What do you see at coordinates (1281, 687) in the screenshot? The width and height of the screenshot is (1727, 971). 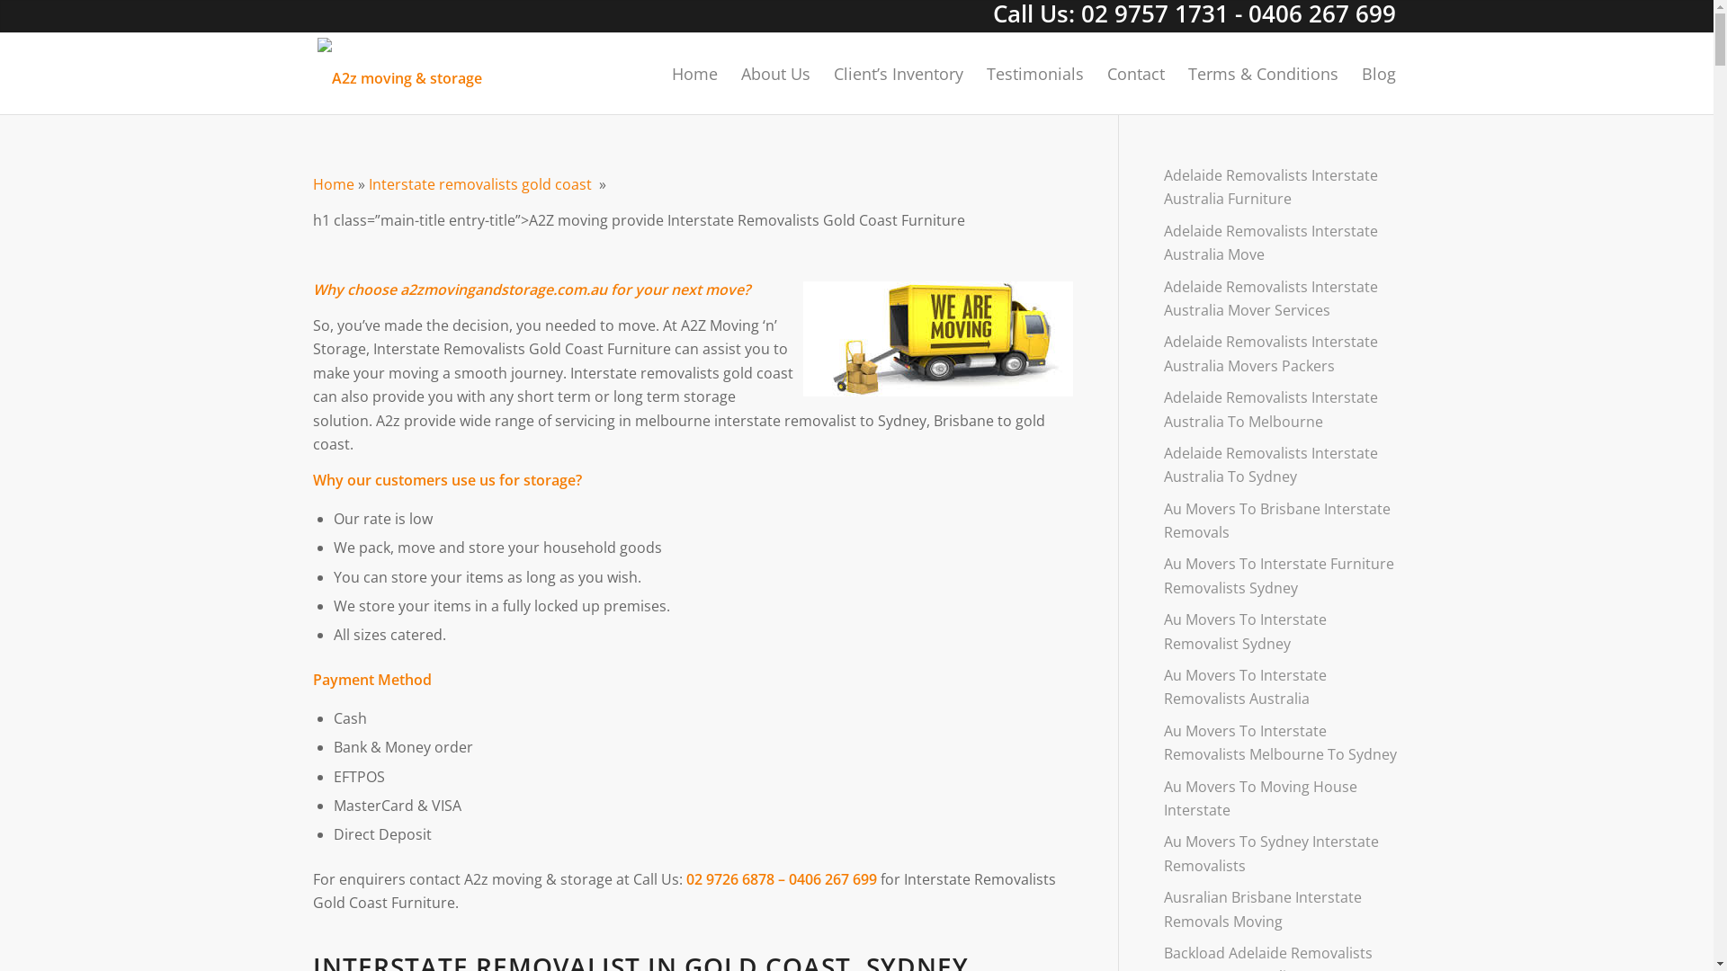 I see `'Au Movers To Interstate Removalists Australia'` at bounding box center [1281, 687].